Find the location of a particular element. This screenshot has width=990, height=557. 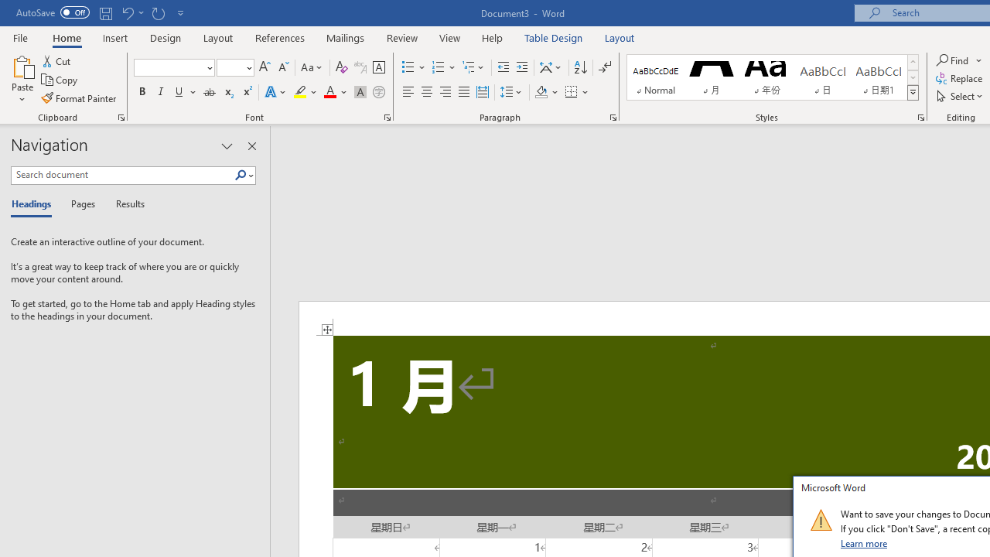

'Select' is located at coordinates (960, 96).